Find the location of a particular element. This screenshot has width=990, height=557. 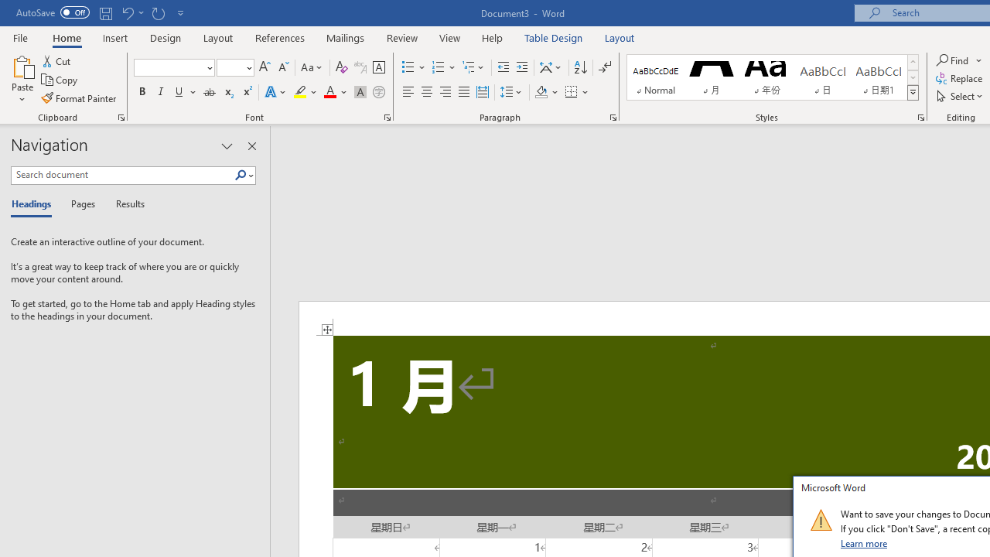

'Select' is located at coordinates (960, 96).